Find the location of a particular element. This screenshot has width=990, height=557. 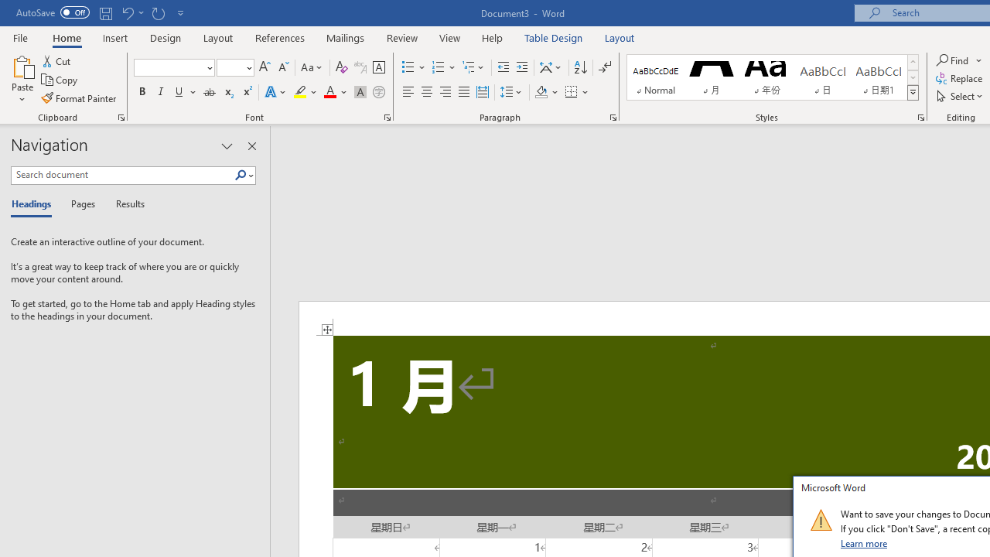

'Select' is located at coordinates (960, 96).